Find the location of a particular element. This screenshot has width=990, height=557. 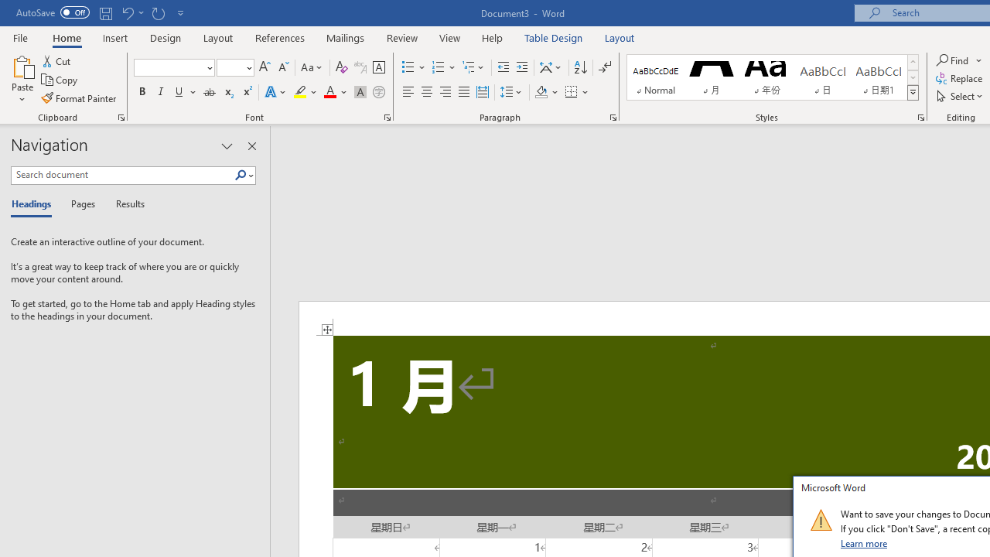

'Select' is located at coordinates (960, 96).